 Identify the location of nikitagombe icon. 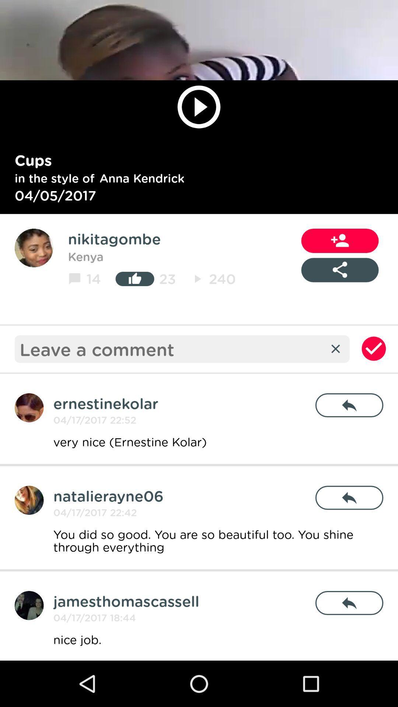
(114, 239).